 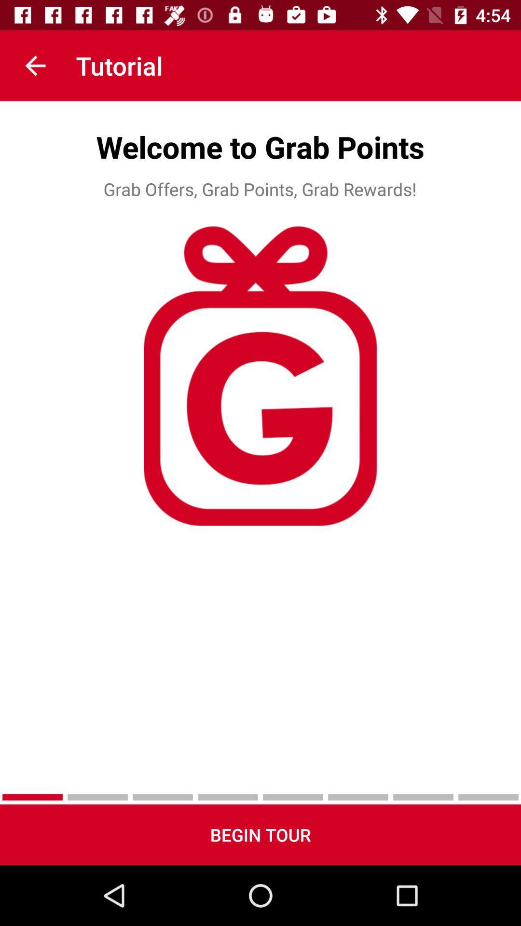 What do you see at coordinates (260, 834) in the screenshot?
I see `begin tour item` at bounding box center [260, 834].